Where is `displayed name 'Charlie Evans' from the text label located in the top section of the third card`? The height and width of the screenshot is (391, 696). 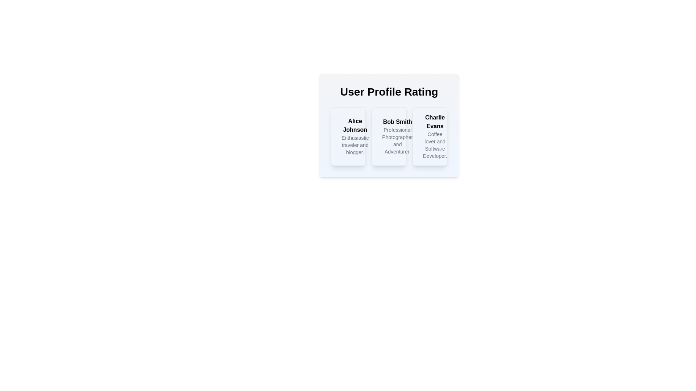
displayed name 'Charlie Evans' from the text label located in the top section of the third card is located at coordinates (435, 121).